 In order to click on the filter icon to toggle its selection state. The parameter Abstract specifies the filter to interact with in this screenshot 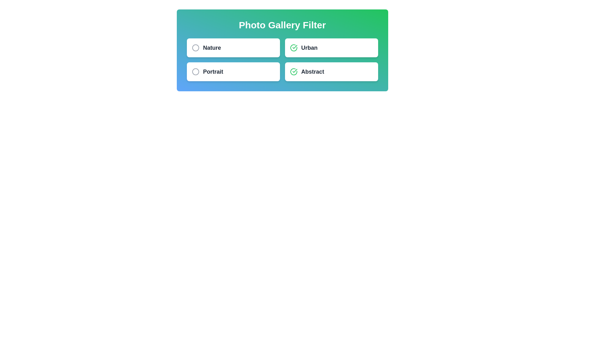, I will do `click(293, 71)`.